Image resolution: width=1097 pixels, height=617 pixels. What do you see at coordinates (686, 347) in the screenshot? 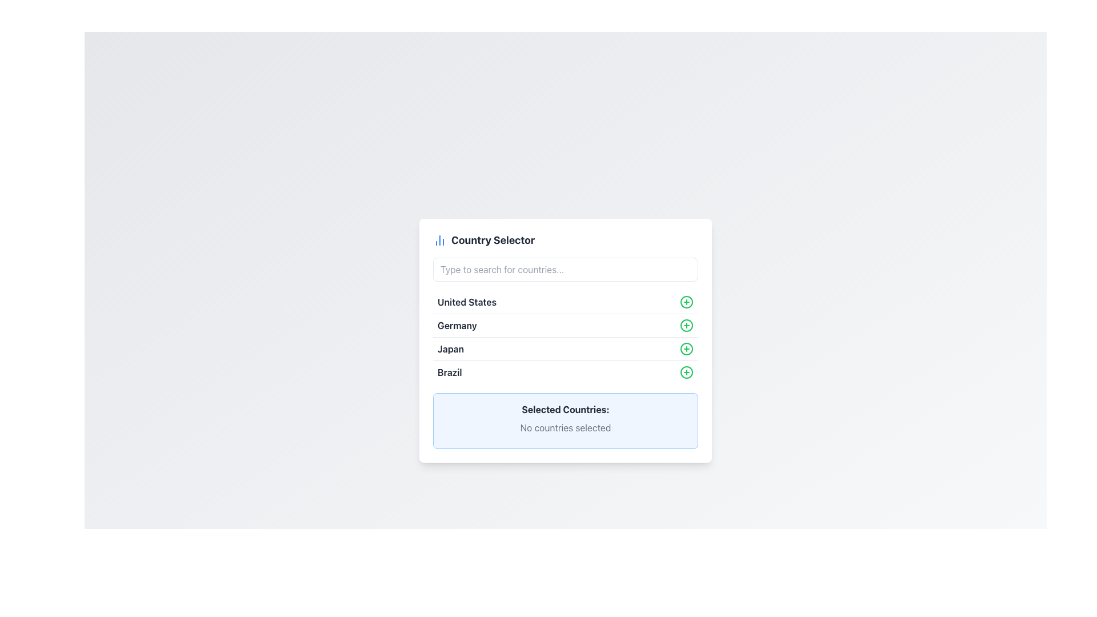
I see `the button that allows users to add 'Japan' to a selected list, positioned to the far right of the row labeled 'Japan'` at bounding box center [686, 347].